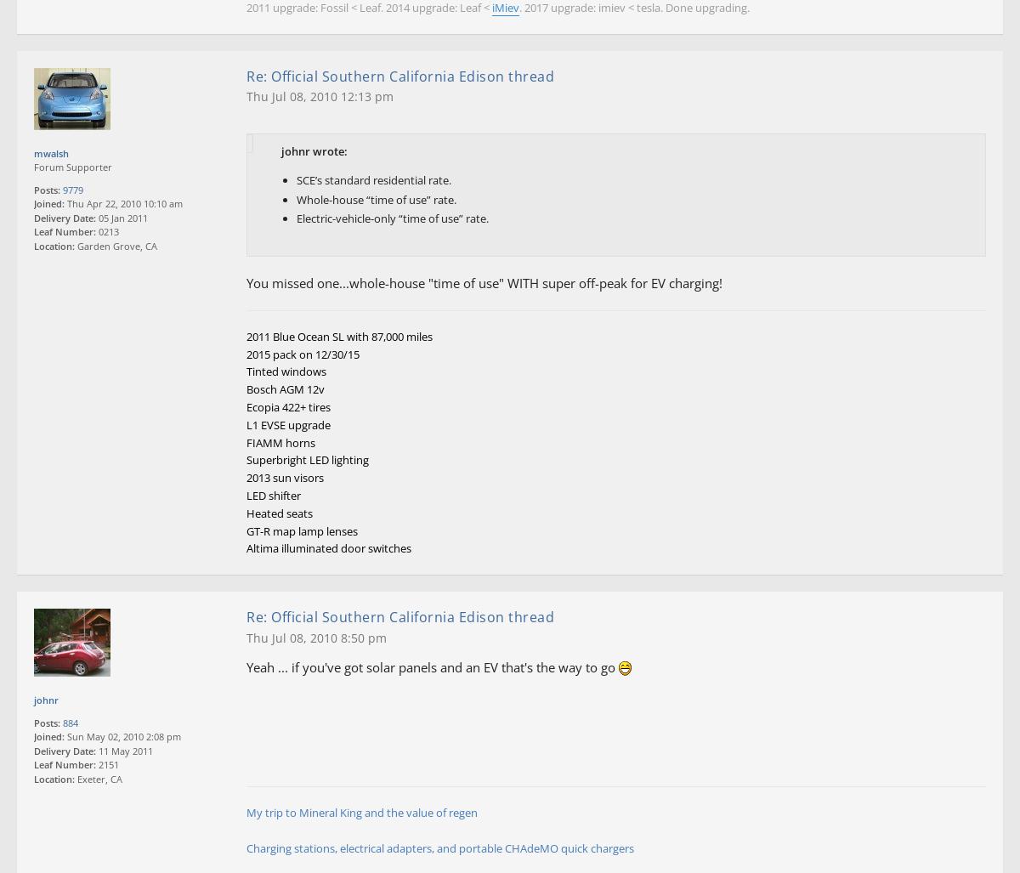  What do you see at coordinates (308, 459) in the screenshot?
I see `'Superbright LED lighting'` at bounding box center [308, 459].